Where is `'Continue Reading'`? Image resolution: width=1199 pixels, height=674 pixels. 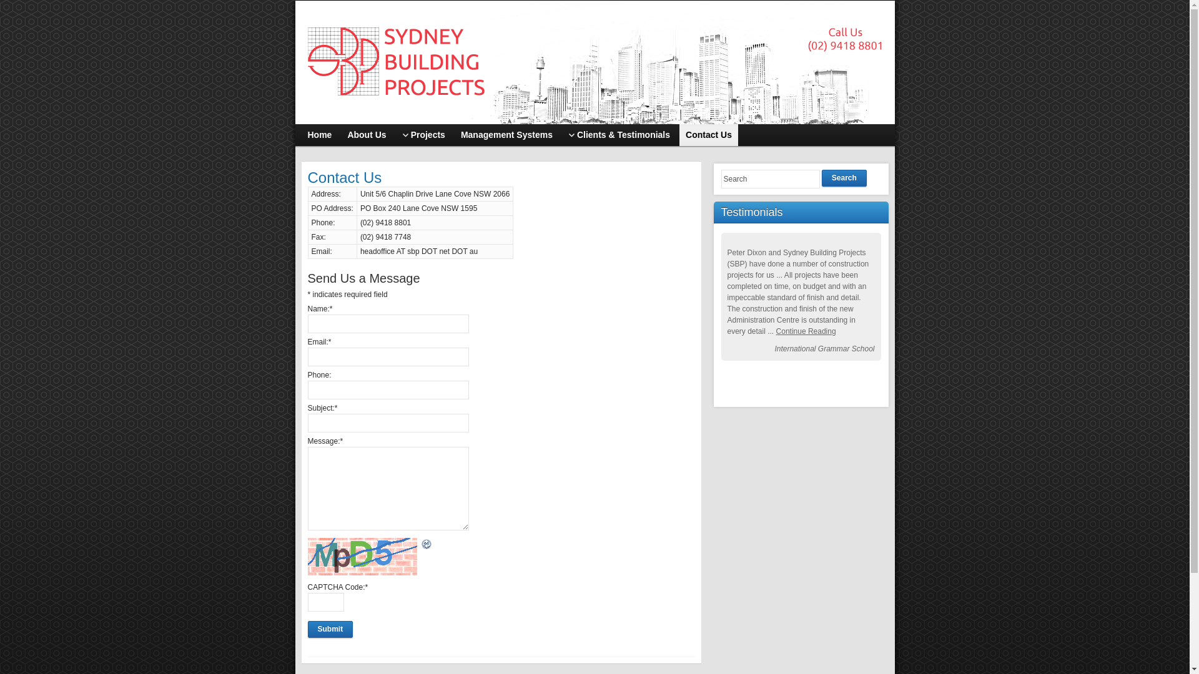
'Continue Reading' is located at coordinates (776, 331).